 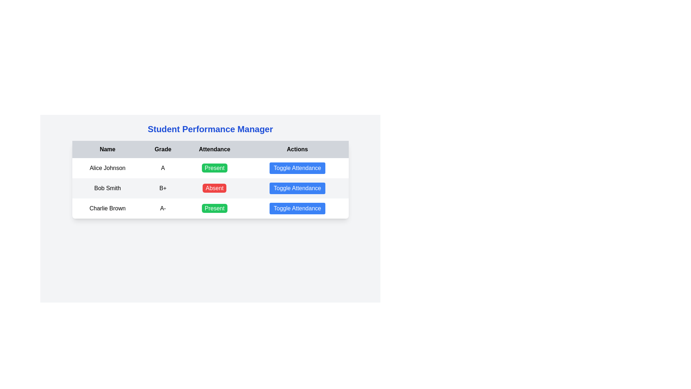 What do you see at coordinates (210, 168) in the screenshot?
I see `the 'Present' button located in the 'Attendance' column for the entry 'Alice Johnson' by moving the mouse to its center point` at bounding box center [210, 168].